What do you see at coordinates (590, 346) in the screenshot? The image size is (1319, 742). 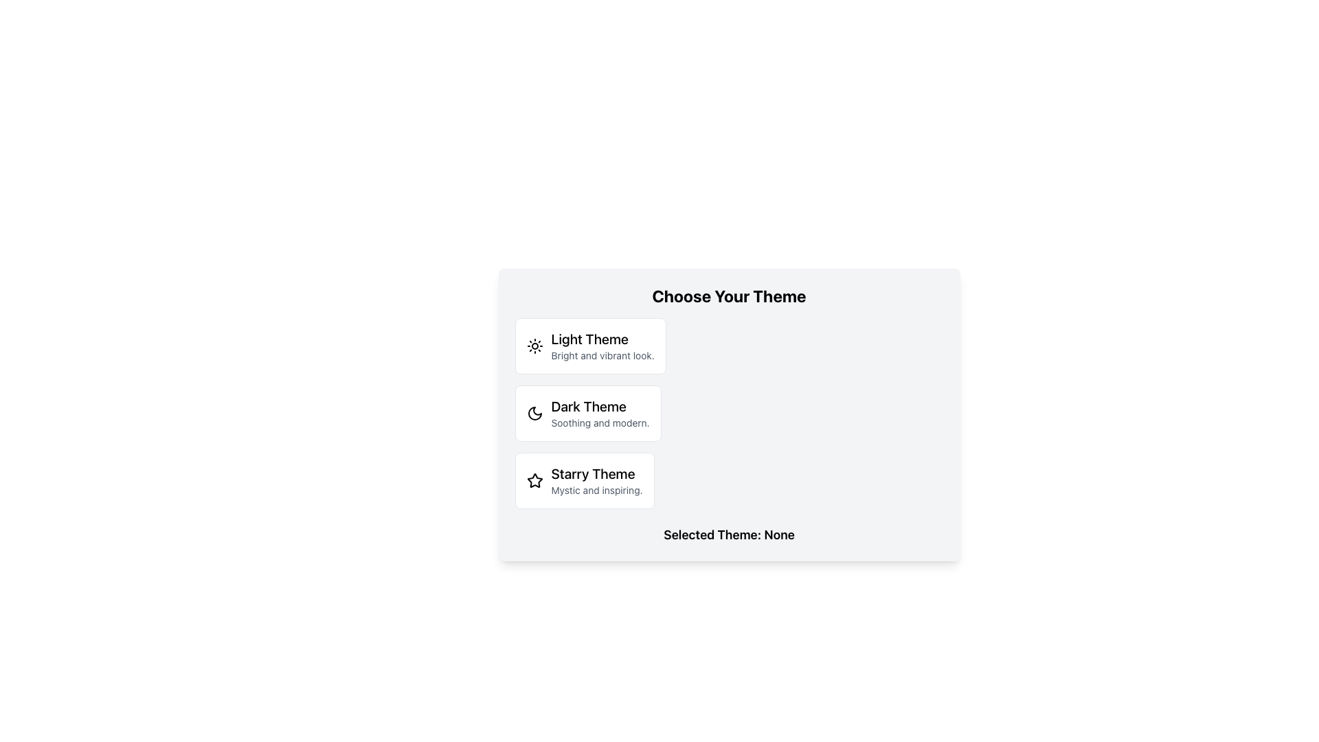 I see `the 'Light Theme' button, which is the first button in a vertical list of three theme options` at bounding box center [590, 346].